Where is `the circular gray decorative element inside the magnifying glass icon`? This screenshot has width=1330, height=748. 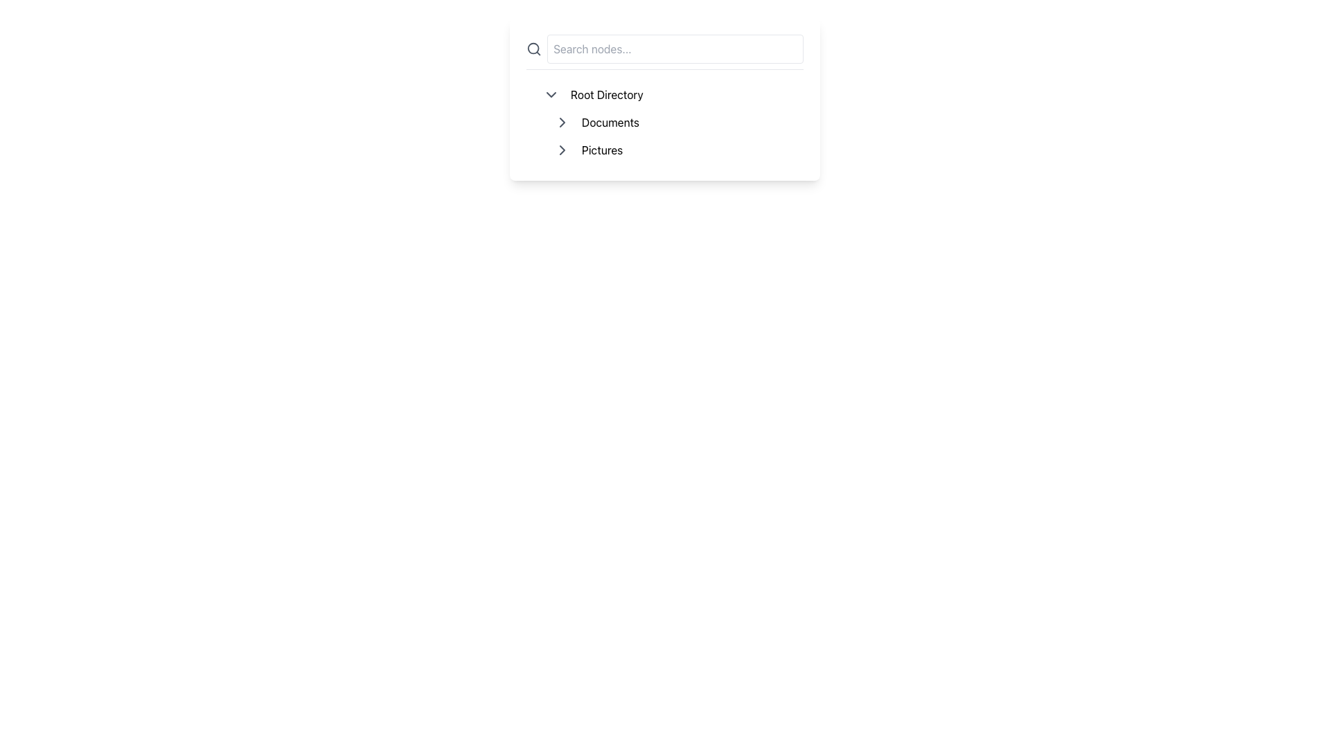
the circular gray decorative element inside the magnifying glass icon is located at coordinates (533, 48).